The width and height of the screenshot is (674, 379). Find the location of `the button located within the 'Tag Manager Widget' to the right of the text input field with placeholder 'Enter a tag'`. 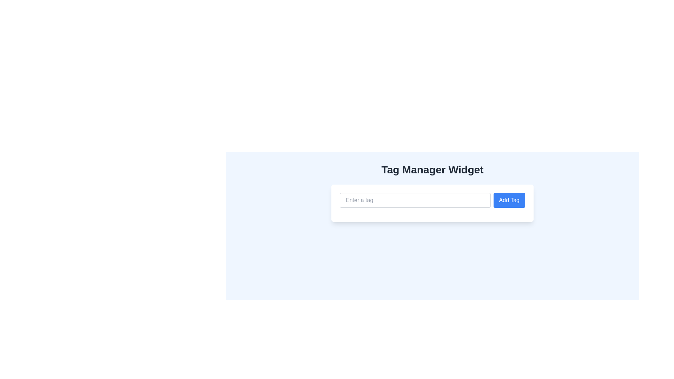

the button located within the 'Tag Manager Widget' to the right of the text input field with placeholder 'Enter a tag' is located at coordinates (509, 200).